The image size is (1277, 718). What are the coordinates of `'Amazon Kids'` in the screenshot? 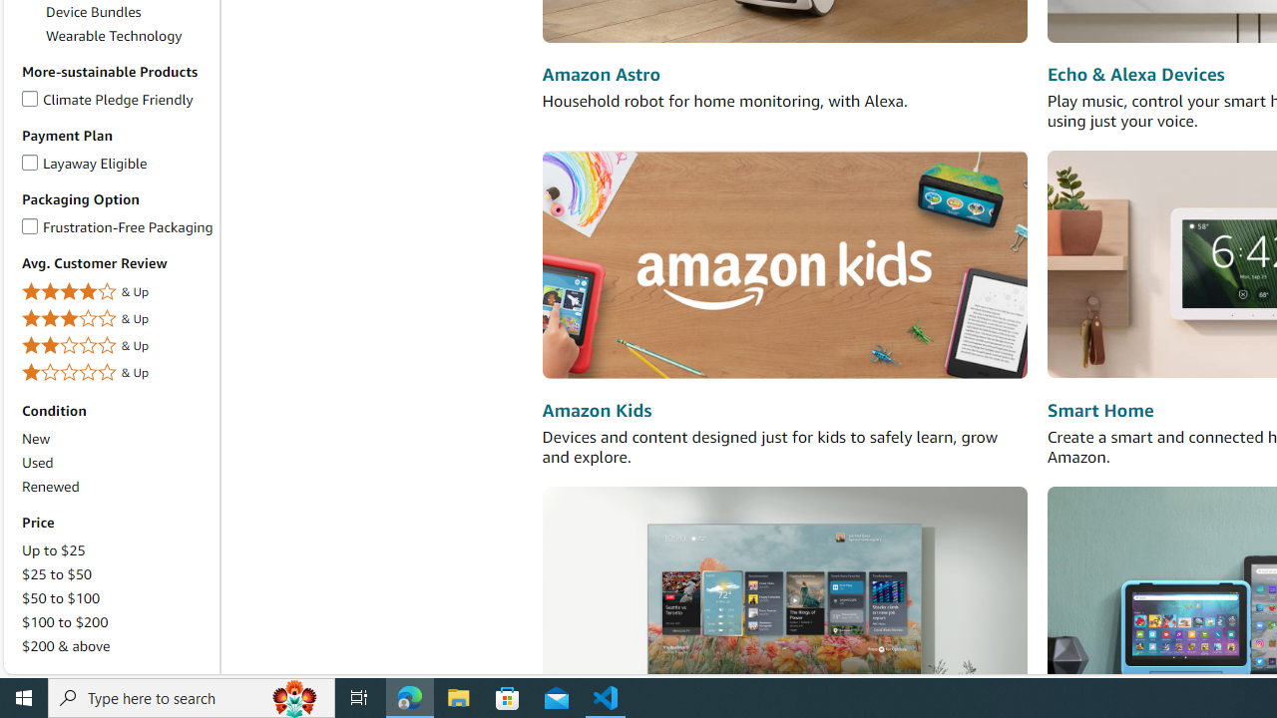 It's located at (596, 409).